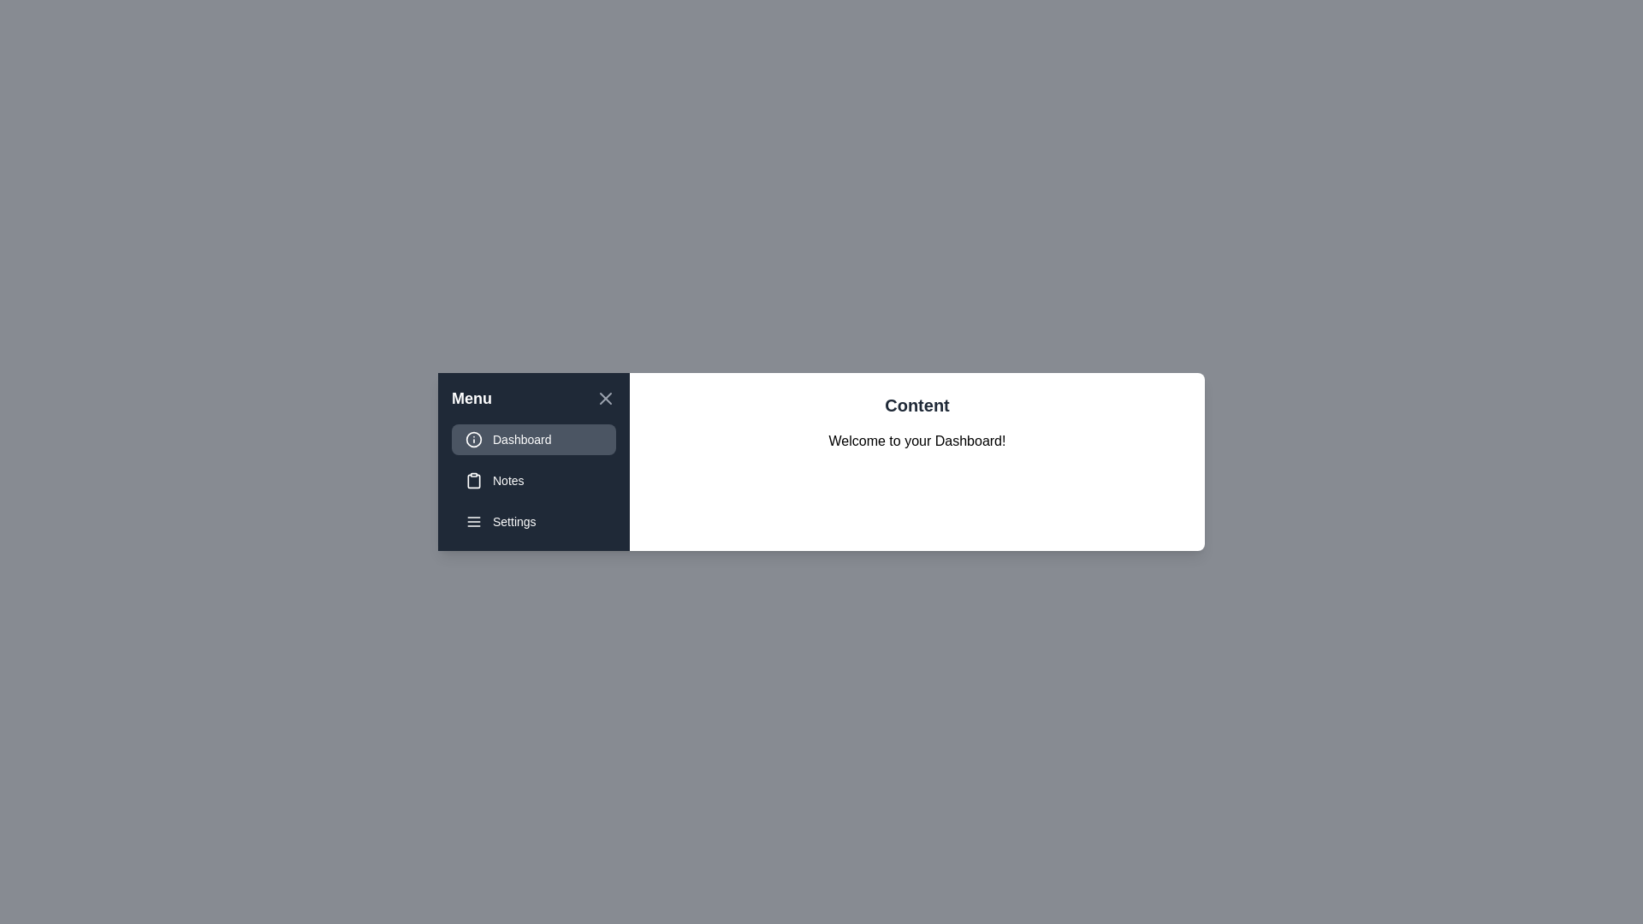 The width and height of the screenshot is (1643, 924). I want to click on the 'Settings' button, which is the third option in the vertical menu list located in the left sidebar of the application, so click(533, 520).